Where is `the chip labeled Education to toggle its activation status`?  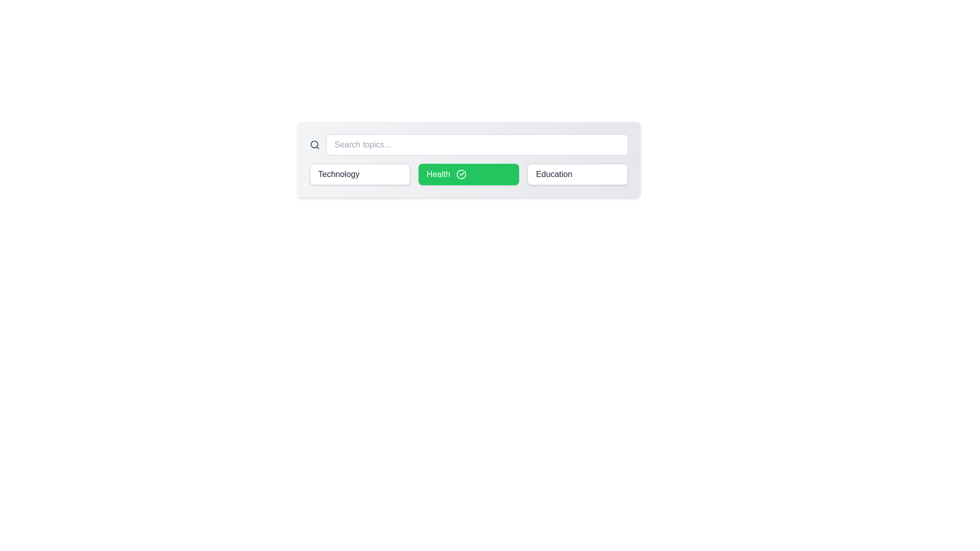 the chip labeled Education to toggle its activation status is located at coordinates (578, 174).